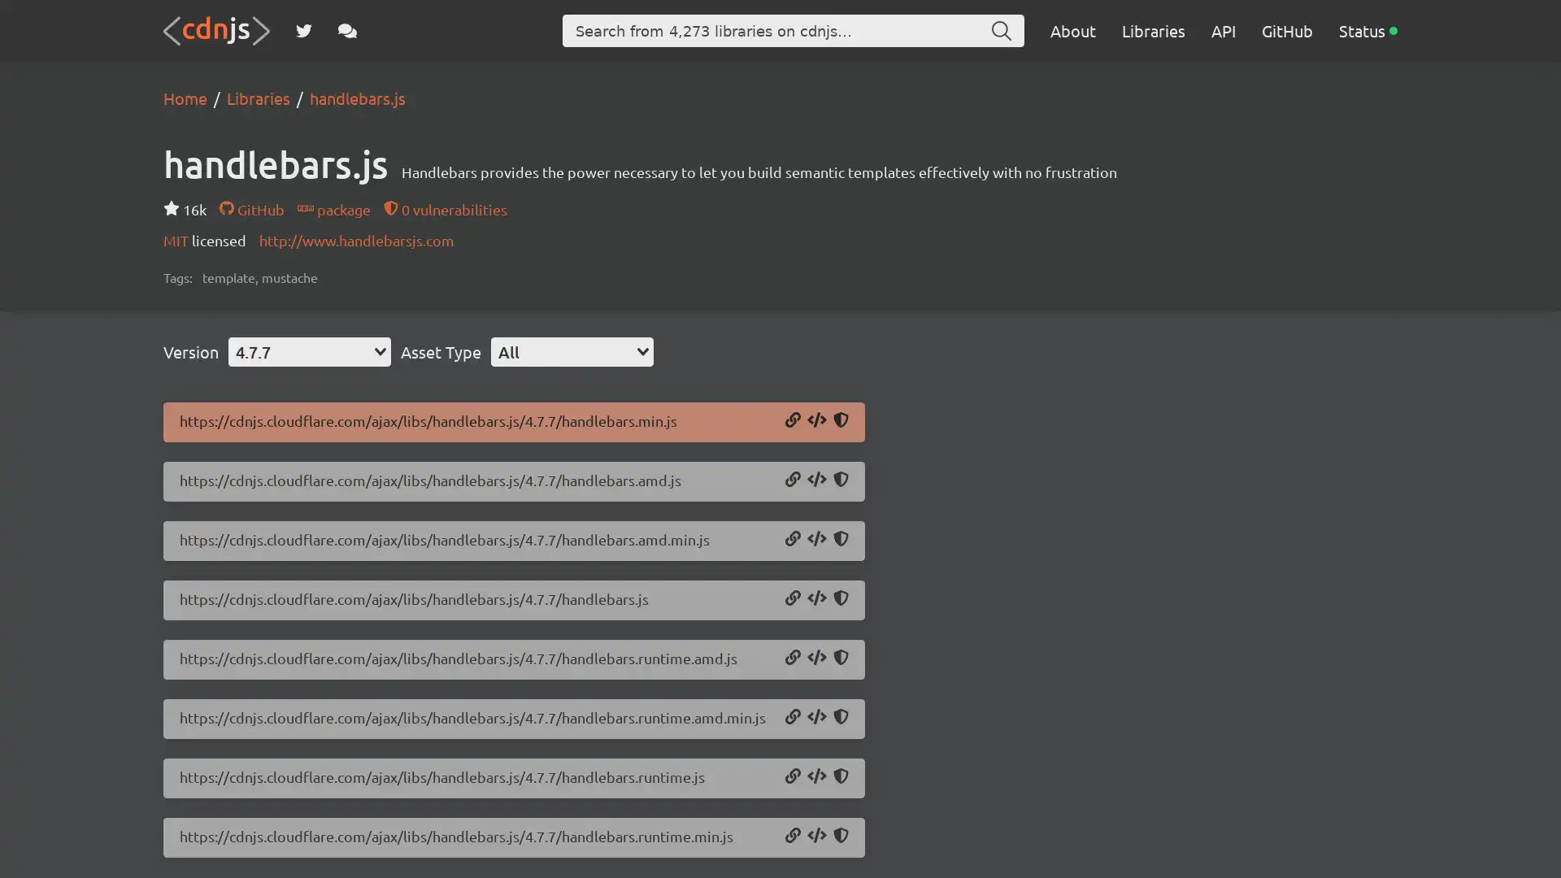 This screenshot has height=878, width=1561. I want to click on Copy URL, so click(793, 837).